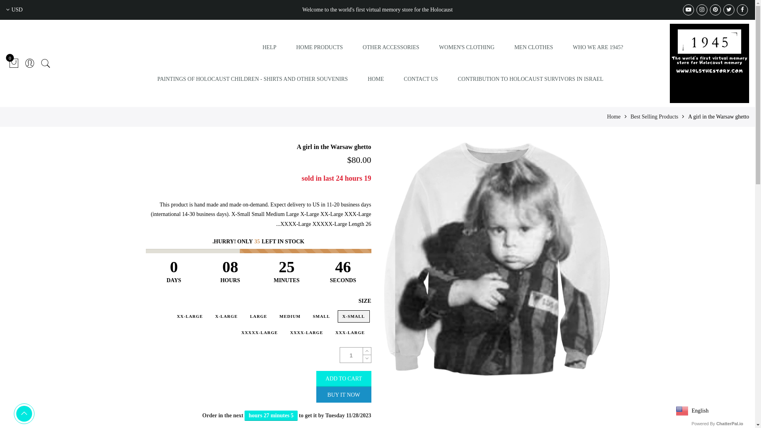 This screenshot has width=761, height=428. I want to click on 'ADD TO CART', so click(344, 378).